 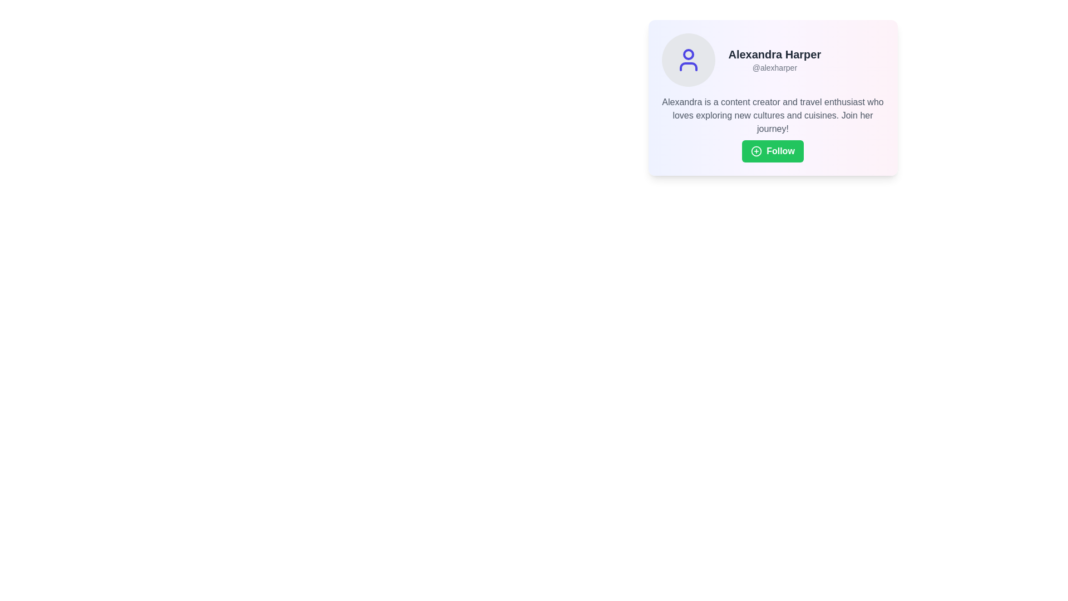 I want to click on the call-to-action button located below the text 'Alexandra is a content creator and travel enthusiast who loves exploring new cultures and cuisines.' to trigger hover effects, so click(x=772, y=151).